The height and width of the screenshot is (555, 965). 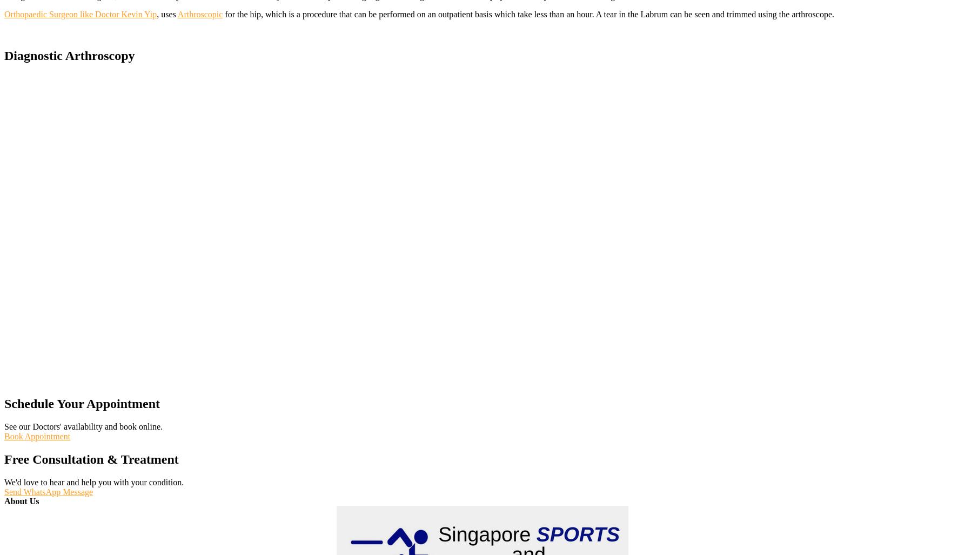 What do you see at coordinates (528, 14) in the screenshot?
I see `'for the hip, which is a procedure that can be performed on an outpatient basis which take less than an hour. A tear in the Labrum can be seen and trimmed using the arthroscope.'` at bounding box center [528, 14].